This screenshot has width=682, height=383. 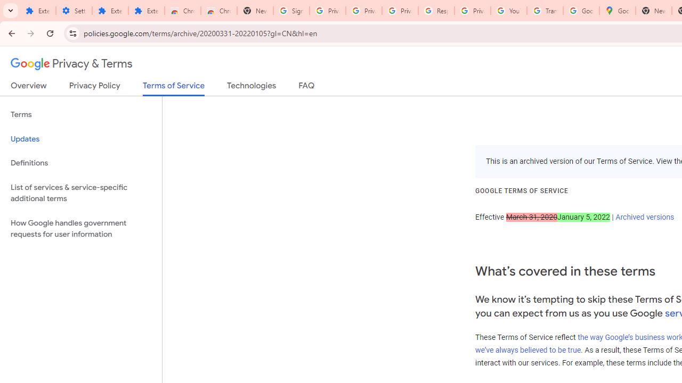 What do you see at coordinates (291, 11) in the screenshot?
I see `'Sign in - Google Accounts'` at bounding box center [291, 11].